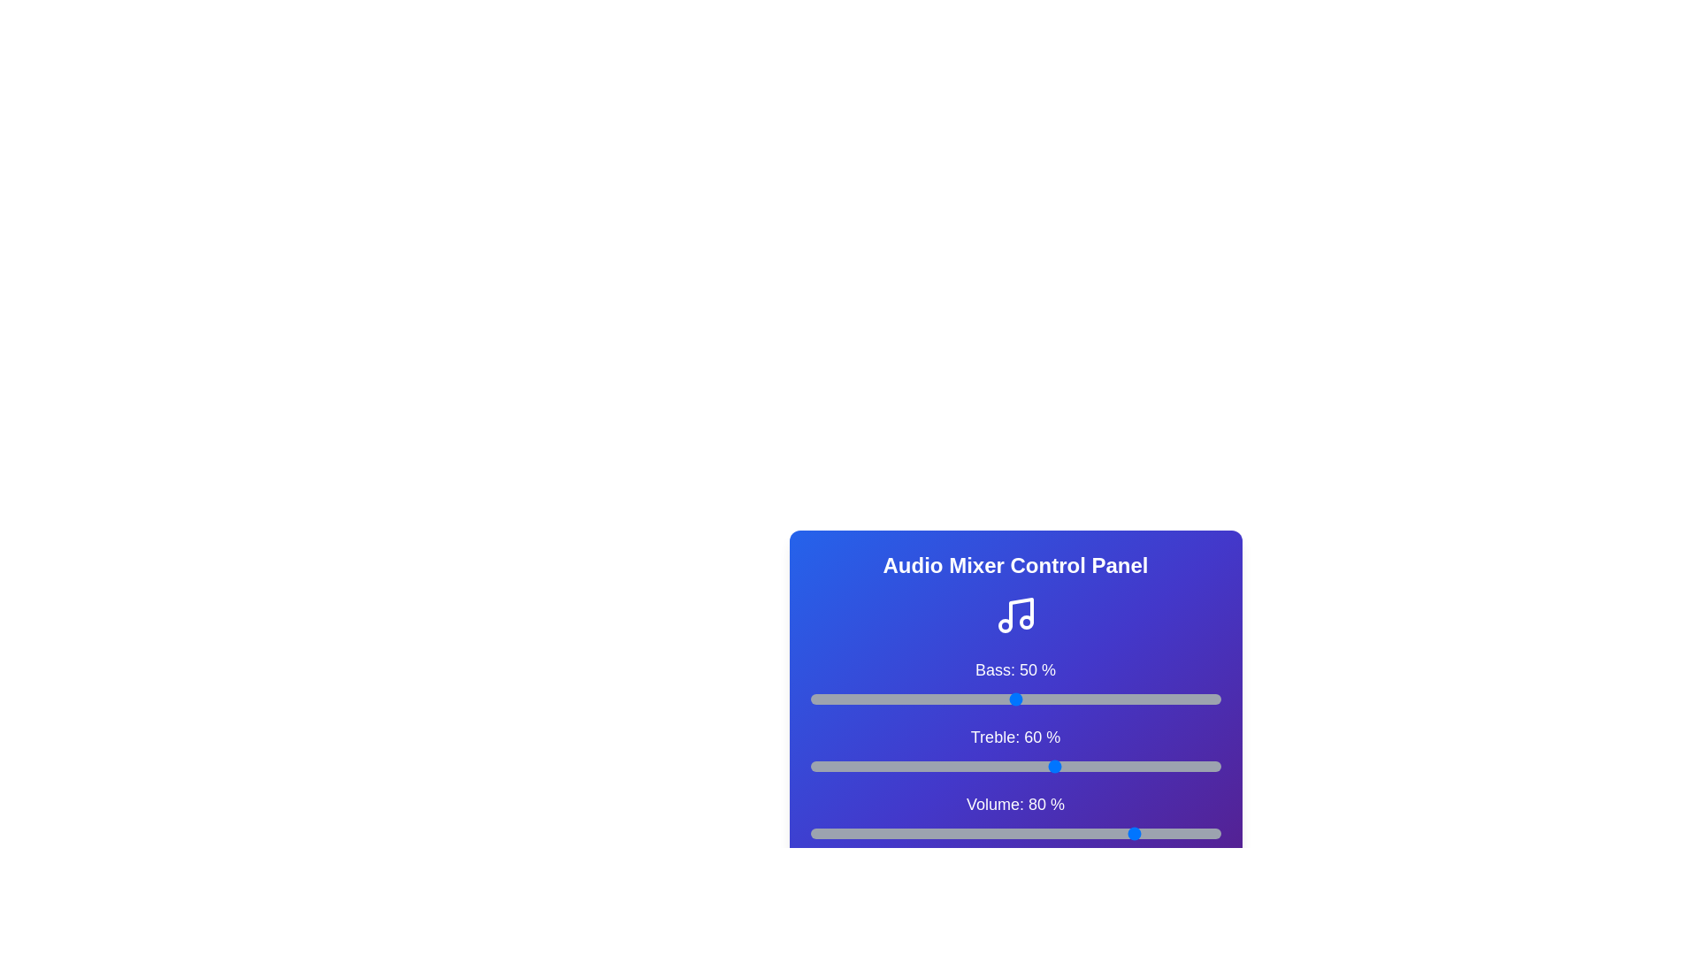 This screenshot has width=1698, height=955. Describe the element at coordinates (1151, 766) in the screenshot. I see `the treble slider to 83%` at that location.